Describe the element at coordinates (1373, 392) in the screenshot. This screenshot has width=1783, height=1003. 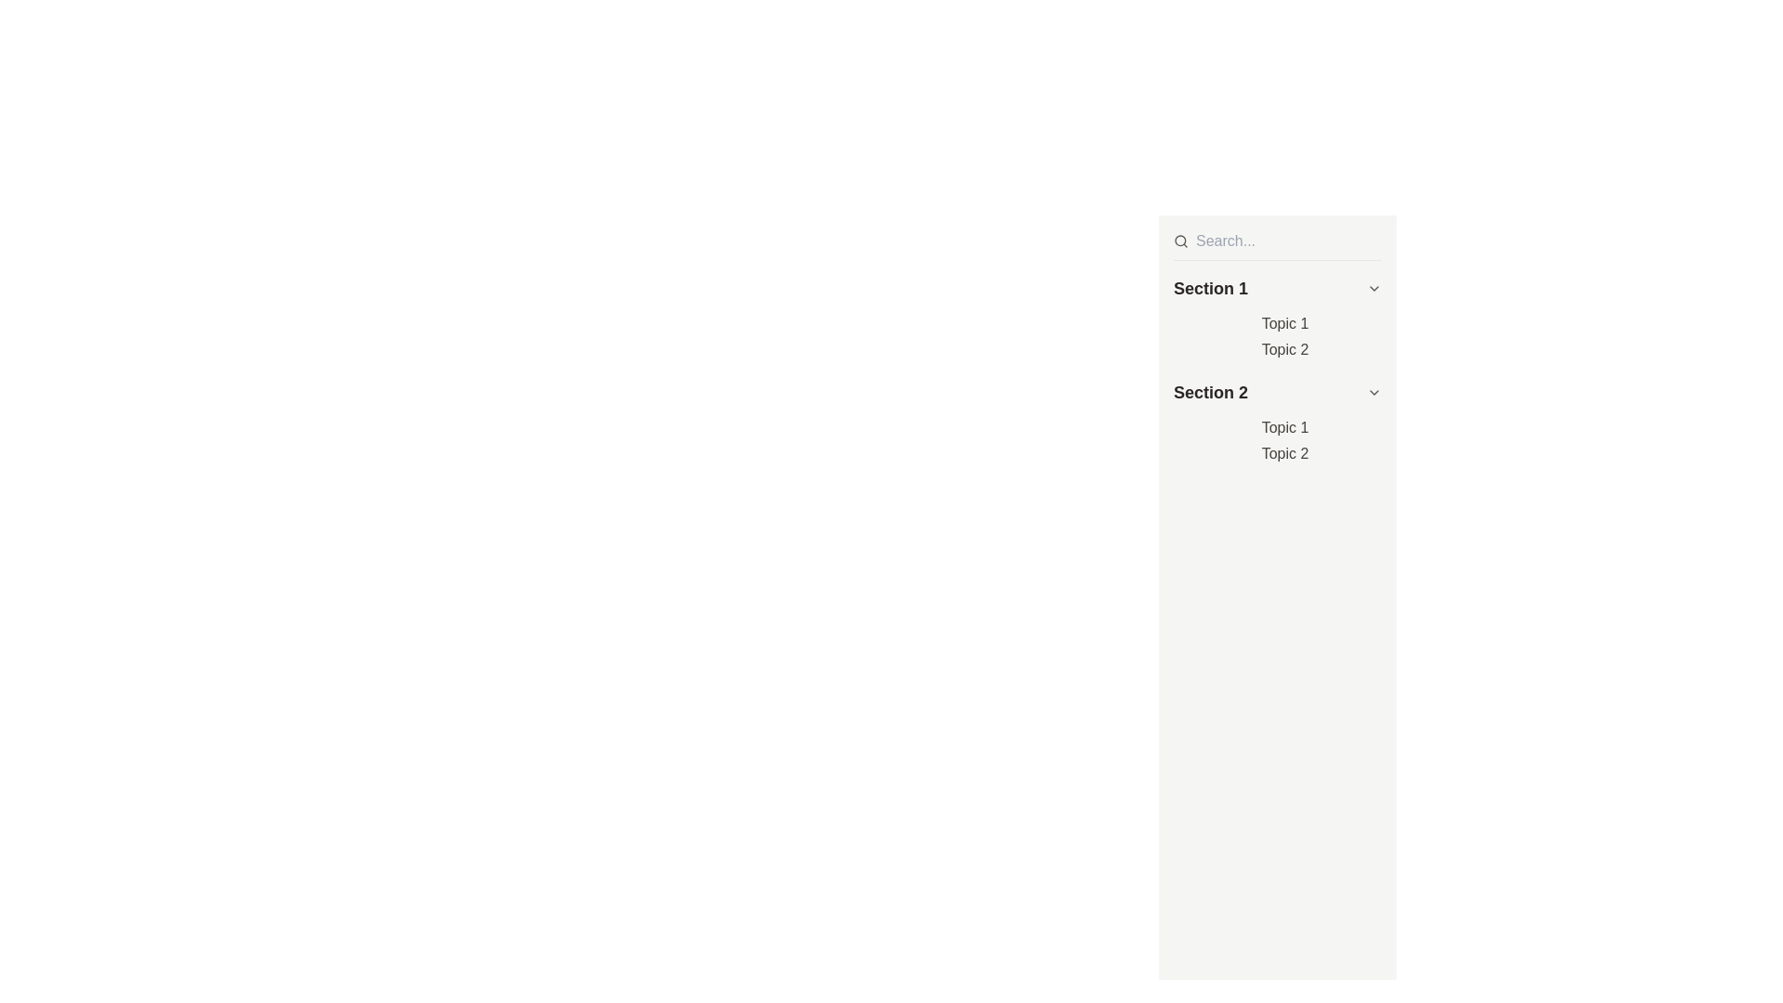
I see `the downward-pointing chevron icon located at the far right of the header labeled 'Section 2'` at that location.